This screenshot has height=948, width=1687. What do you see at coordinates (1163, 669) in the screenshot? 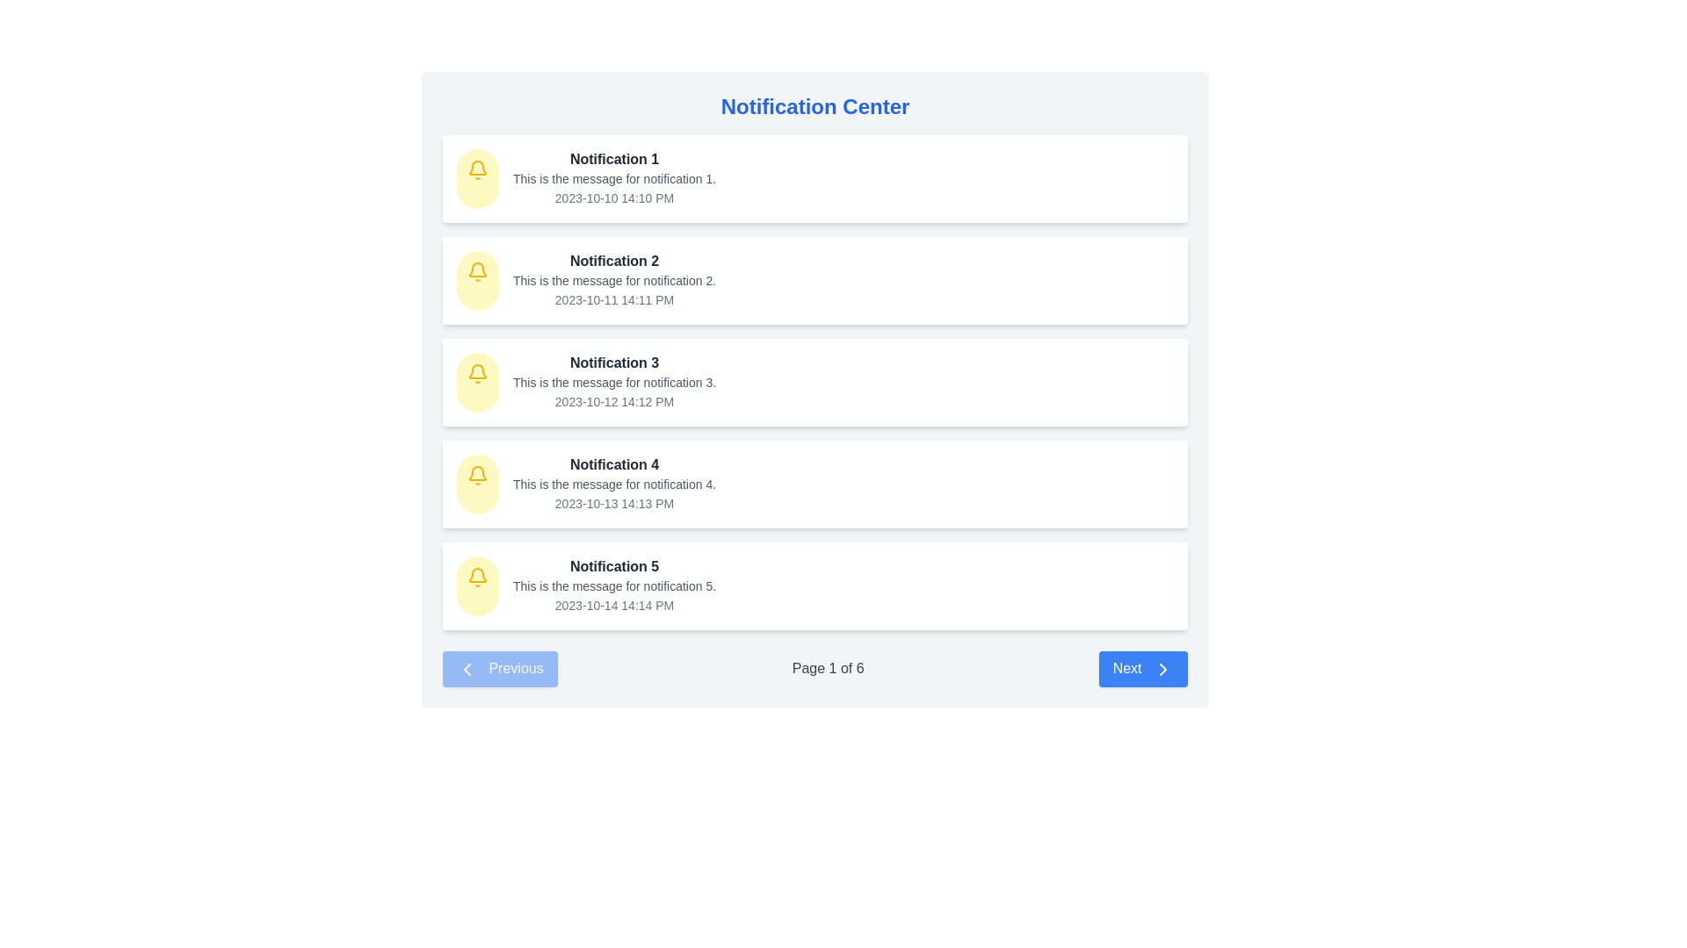
I see `the 'Next' button by navigating to the right-facing chevron icon located at the far right of the button` at bounding box center [1163, 669].